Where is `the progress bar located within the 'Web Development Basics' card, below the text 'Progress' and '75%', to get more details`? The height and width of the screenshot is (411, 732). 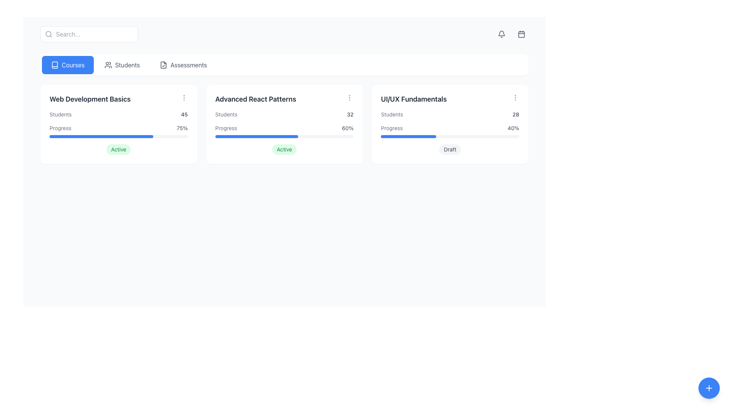 the progress bar located within the 'Web Development Basics' card, below the text 'Progress' and '75%', to get more details is located at coordinates (118, 136).